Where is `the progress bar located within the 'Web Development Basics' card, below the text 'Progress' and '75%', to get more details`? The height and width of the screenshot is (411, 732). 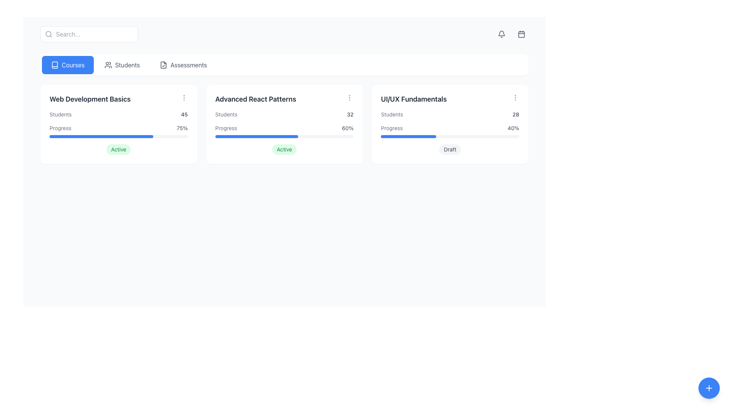 the progress bar located within the 'Web Development Basics' card, below the text 'Progress' and '75%', to get more details is located at coordinates (118, 136).